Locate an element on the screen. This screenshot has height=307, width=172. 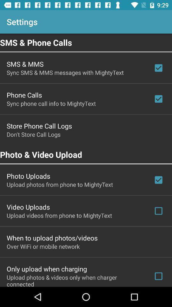
the item below when to upload icon is located at coordinates (43, 246).